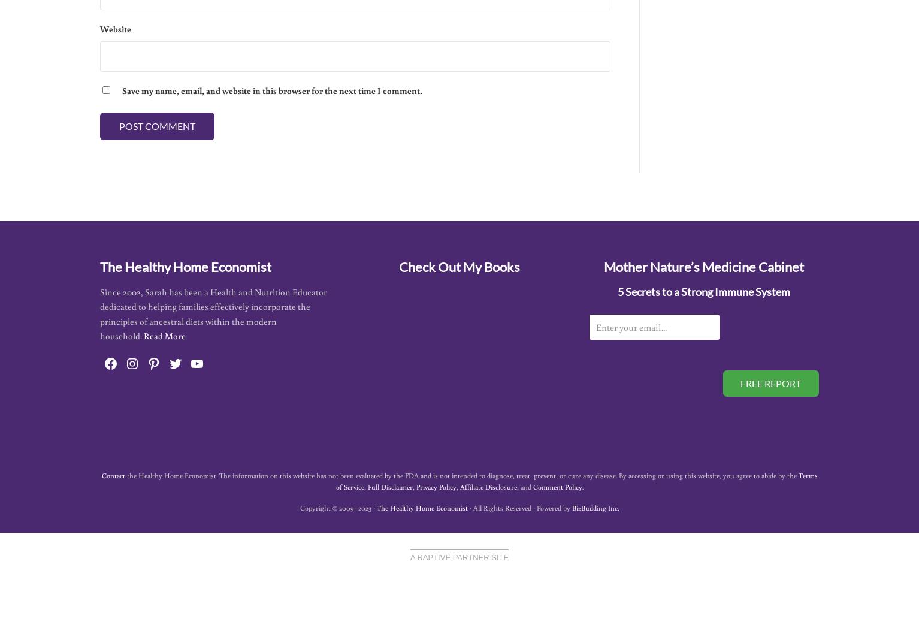 The width and height of the screenshot is (919, 622). What do you see at coordinates (603, 267) in the screenshot?
I see `'Mother Nature’s Medicine Cabinet'` at bounding box center [603, 267].